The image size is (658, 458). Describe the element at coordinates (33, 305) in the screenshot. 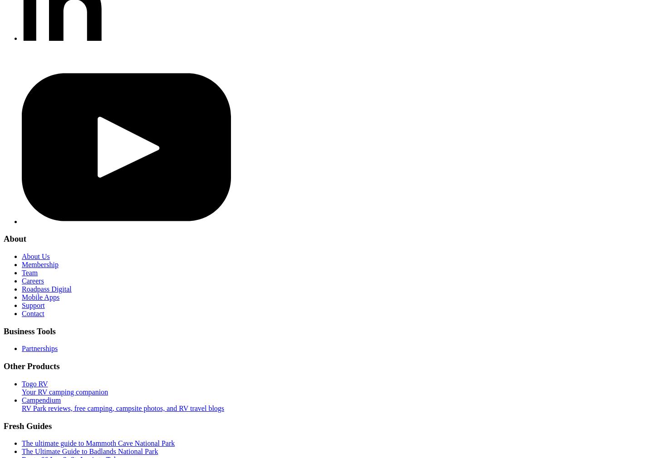

I see `'Support'` at that location.